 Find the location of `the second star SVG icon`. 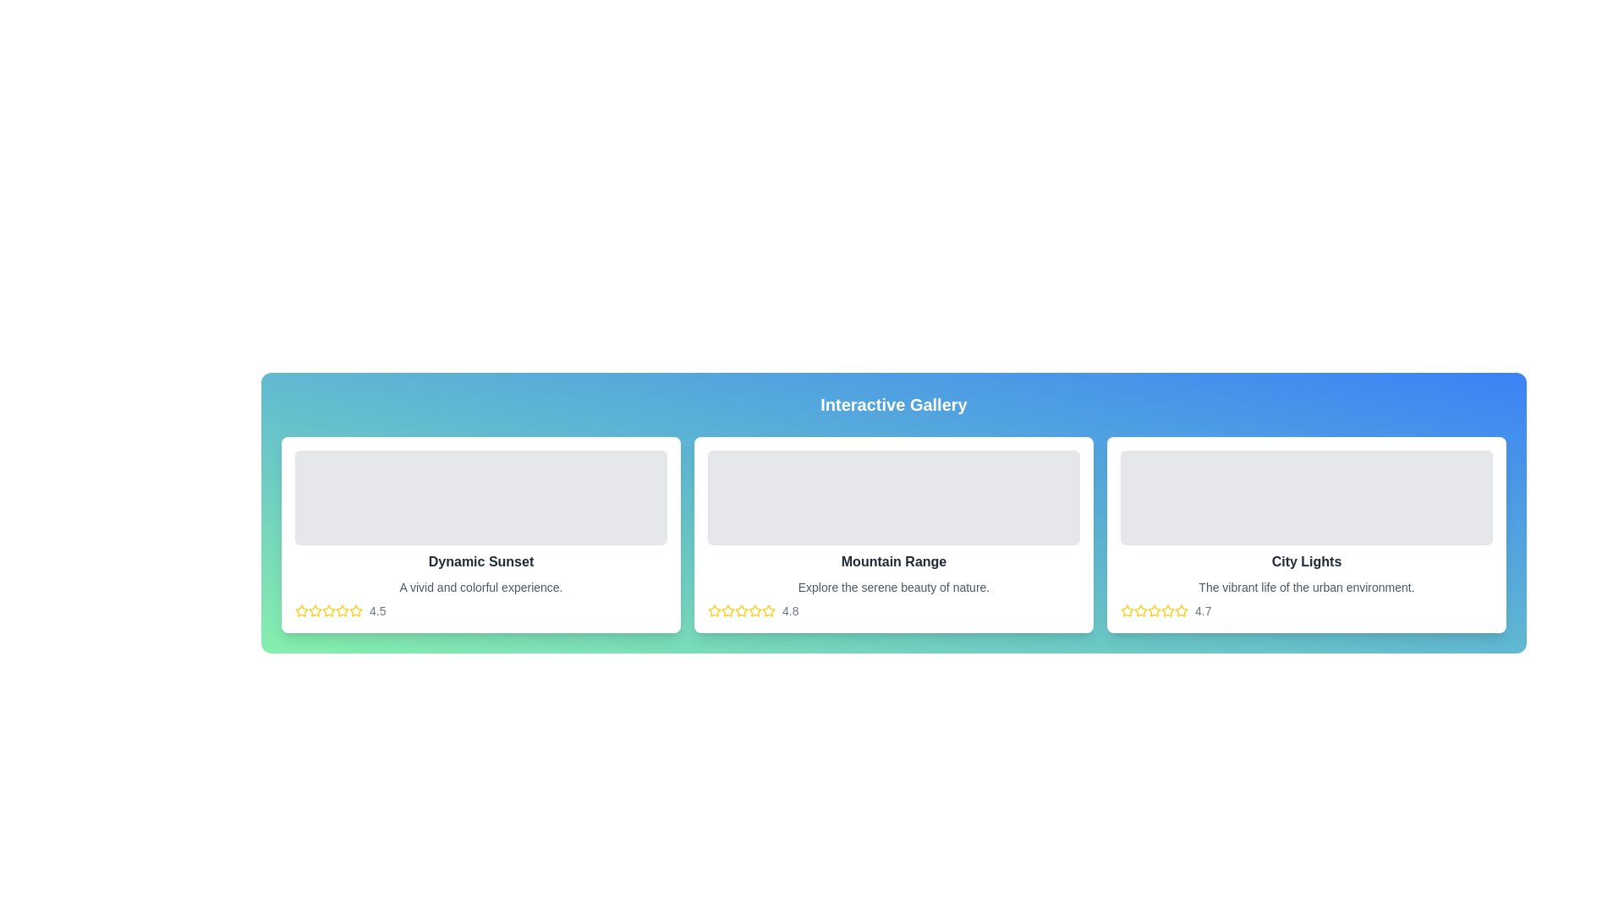

the second star SVG icon is located at coordinates (355, 610).